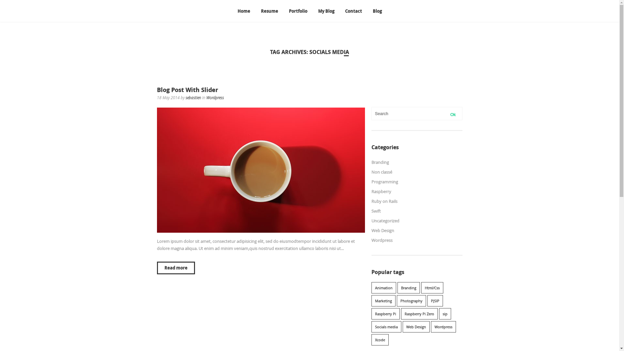  I want to click on 'Web Design', so click(402, 327).